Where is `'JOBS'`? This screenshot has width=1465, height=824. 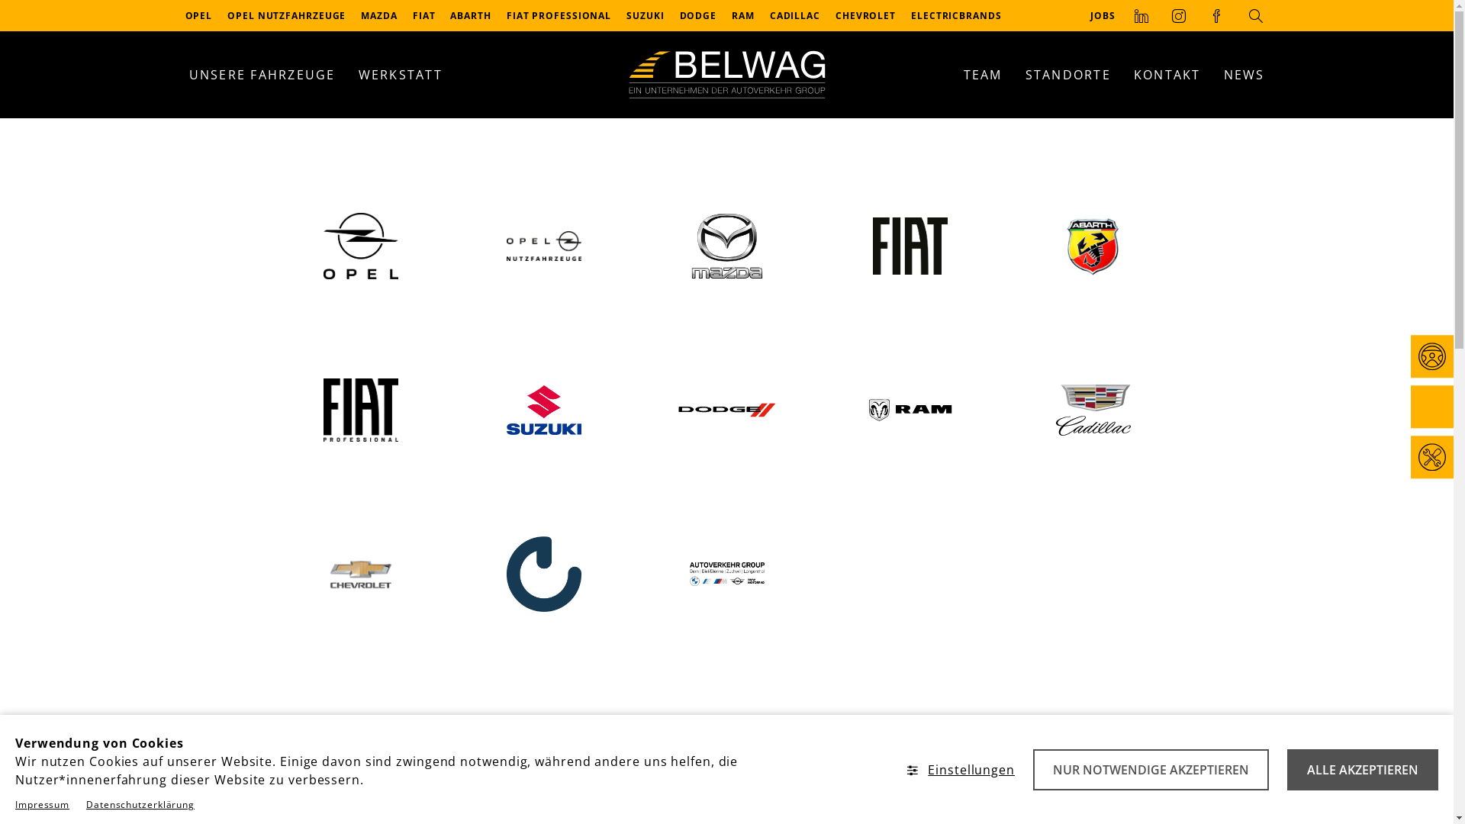 'JOBS' is located at coordinates (1103, 14).